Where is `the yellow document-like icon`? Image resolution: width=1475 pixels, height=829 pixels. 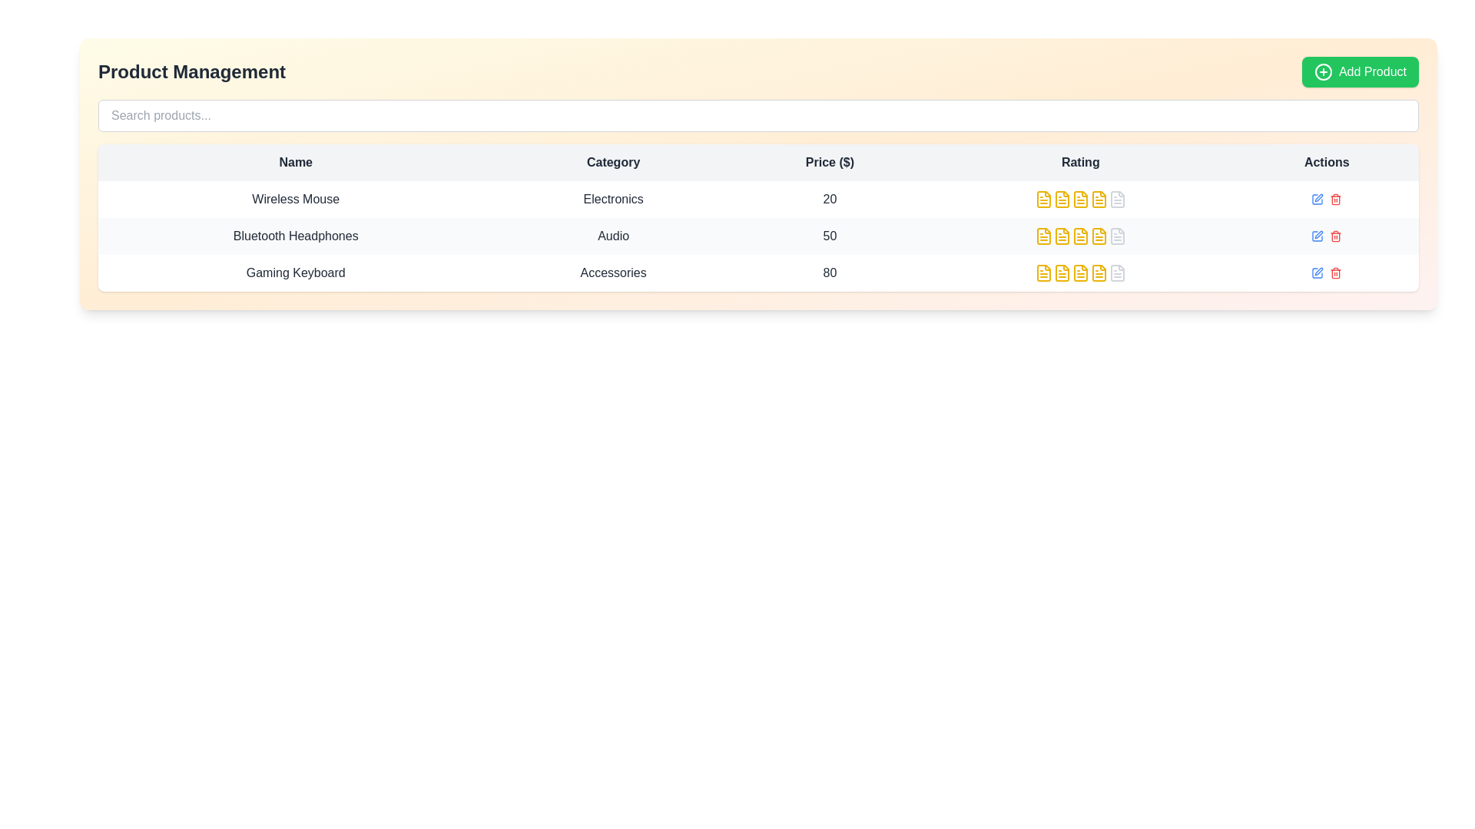 the yellow document-like icon is located at coordinates (1043, 236).